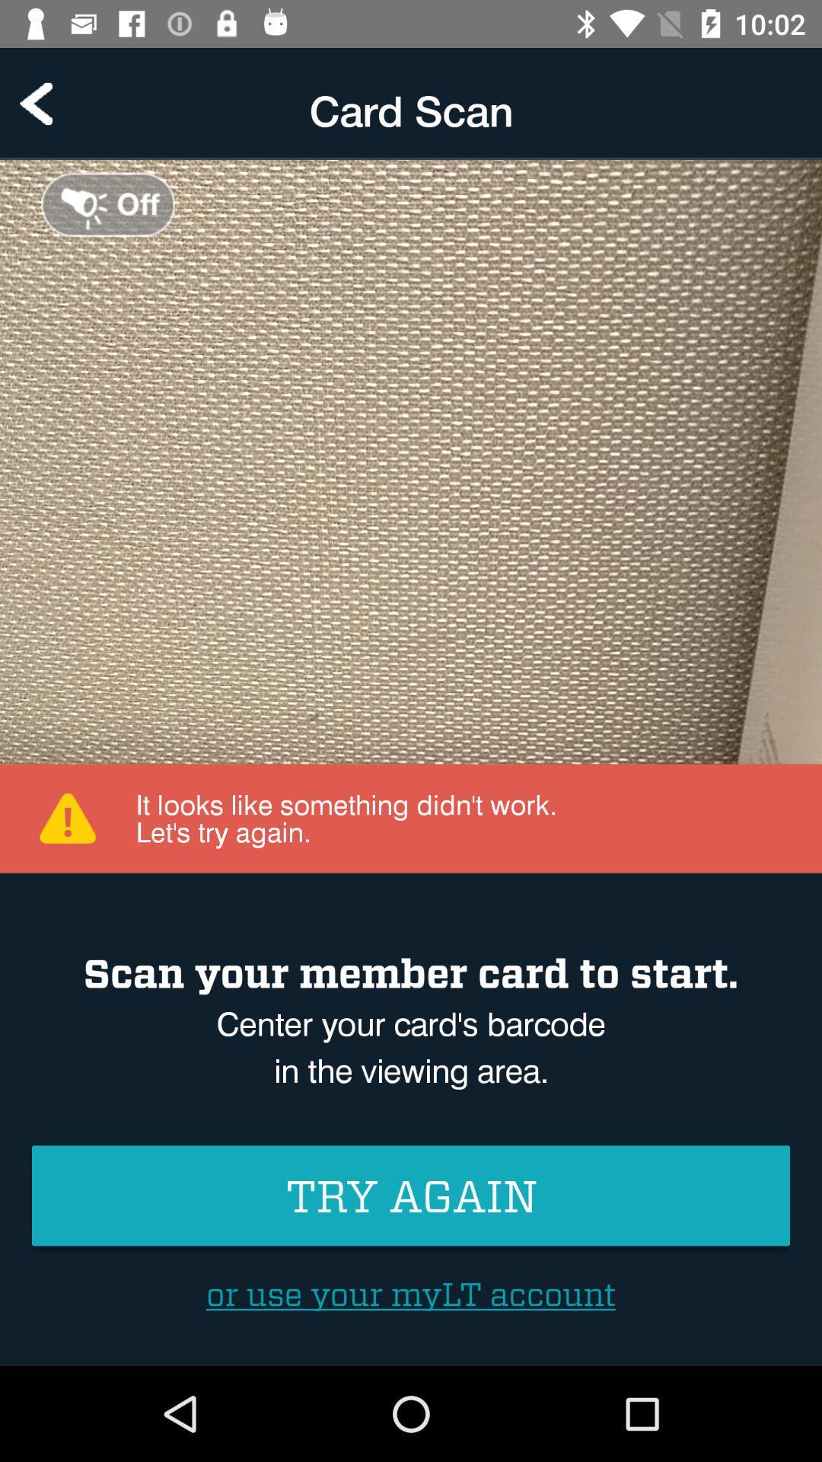  I want to click on off, so click(107, 204).